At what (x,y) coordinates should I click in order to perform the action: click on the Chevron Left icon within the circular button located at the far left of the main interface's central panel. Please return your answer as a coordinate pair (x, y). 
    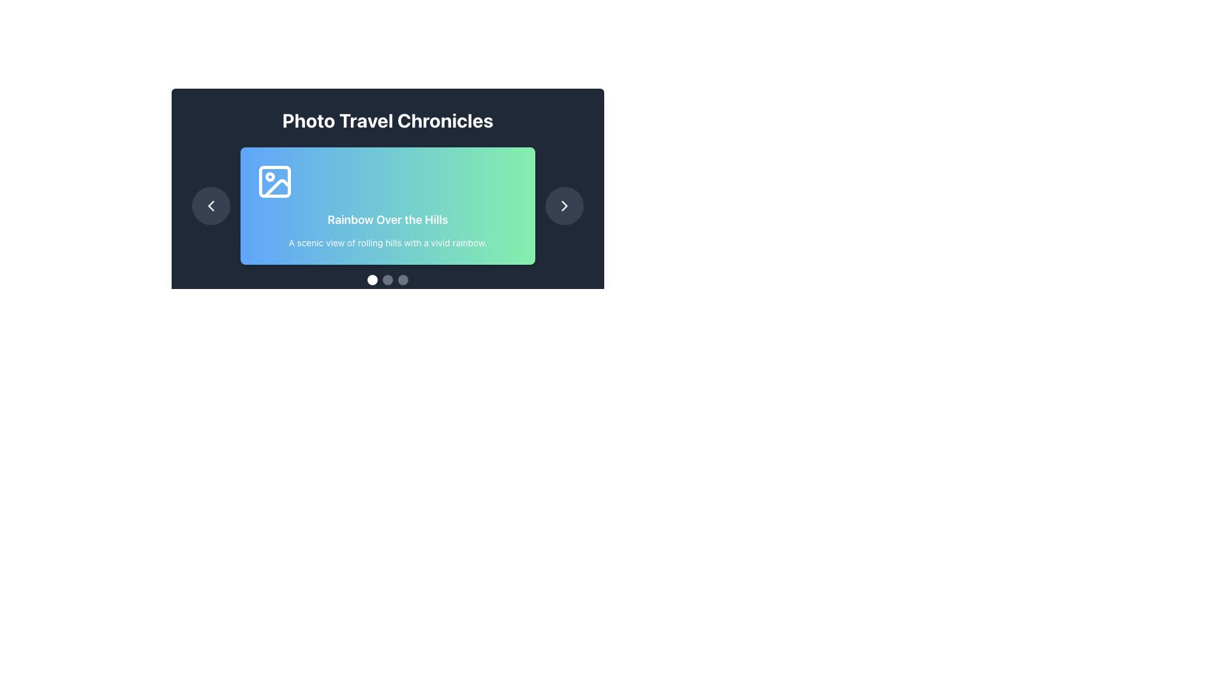
    Looking at the image, I should click on (211, 205).